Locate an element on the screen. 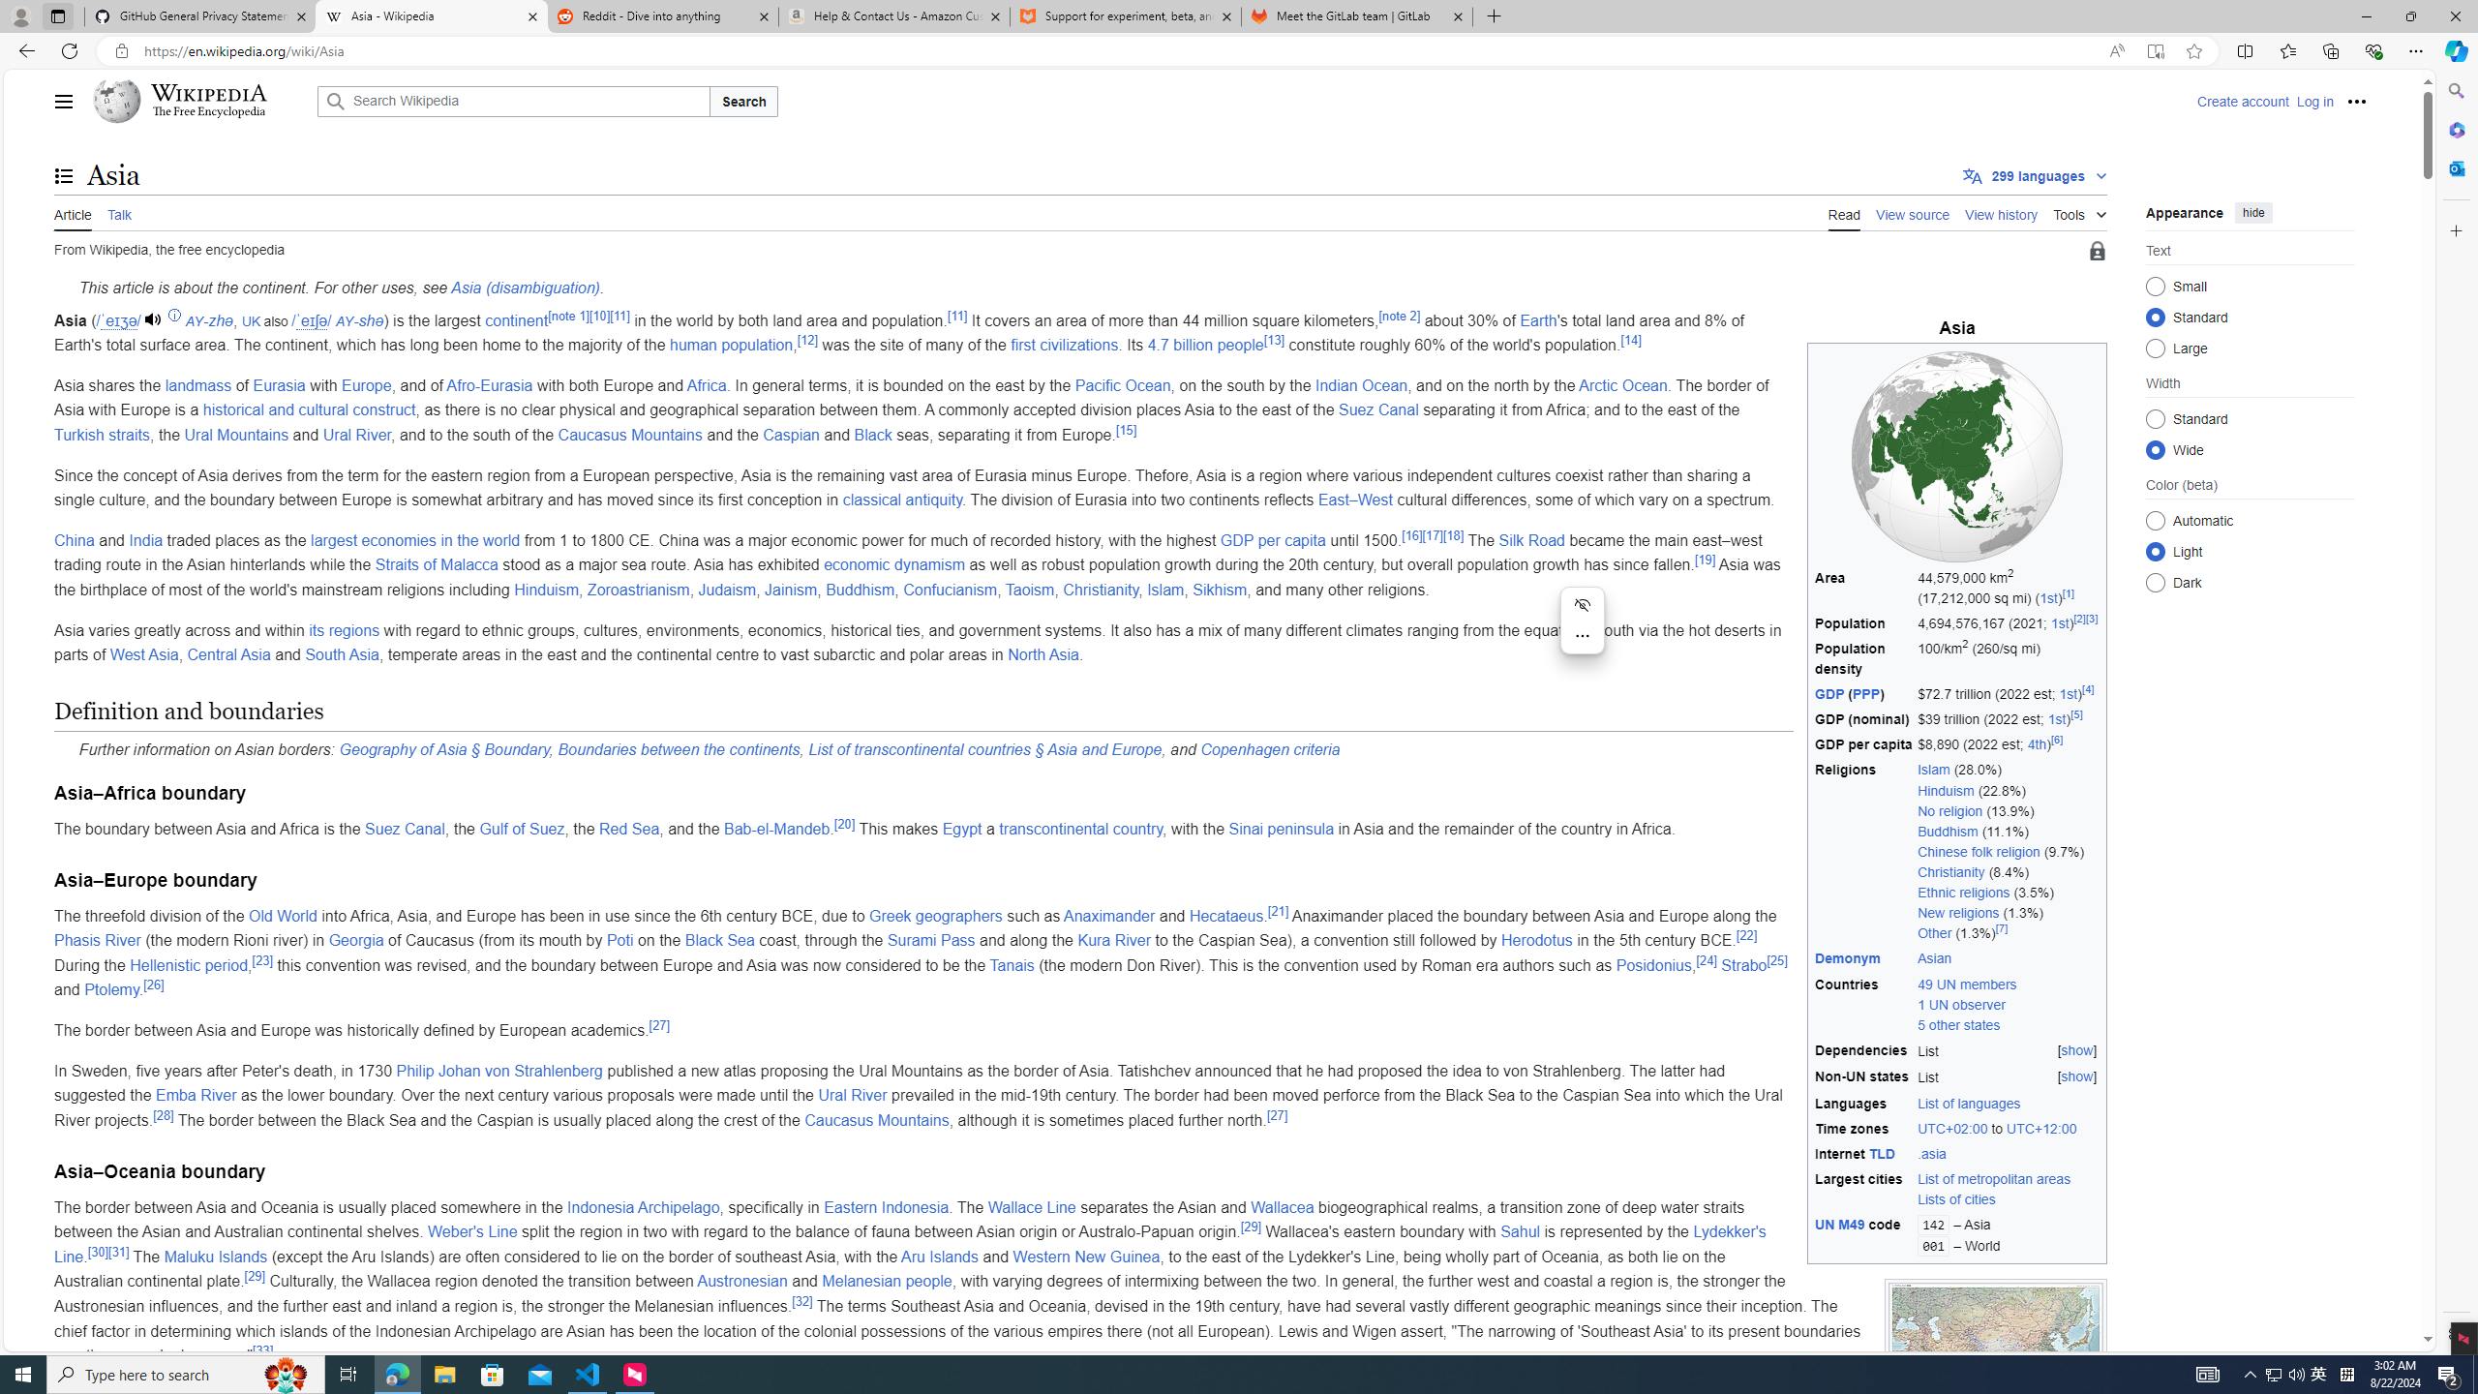 The image size is (2478, 1394). 'Christianity' is located at coordinates (1101, 589).